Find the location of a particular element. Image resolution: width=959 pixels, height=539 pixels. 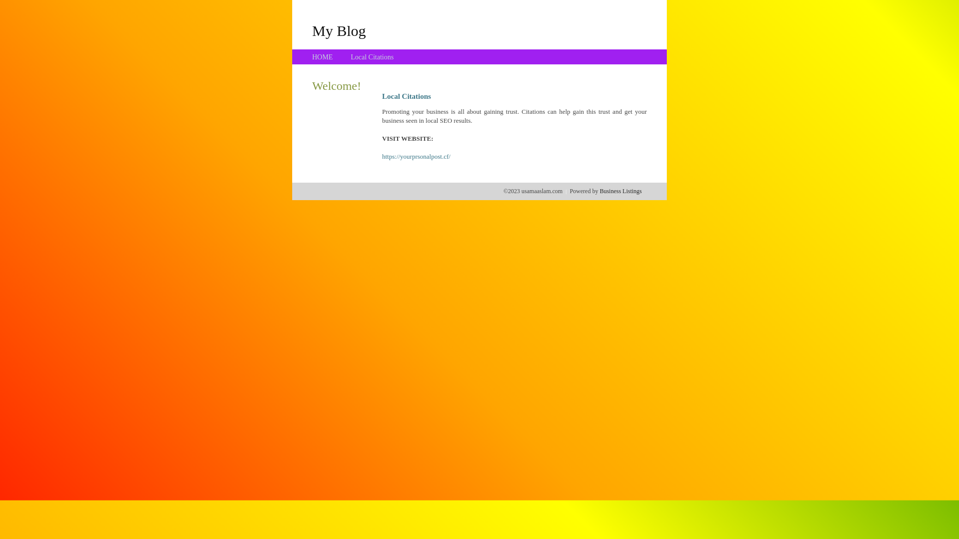

'My Blog' is located at coordinates (339, 30).